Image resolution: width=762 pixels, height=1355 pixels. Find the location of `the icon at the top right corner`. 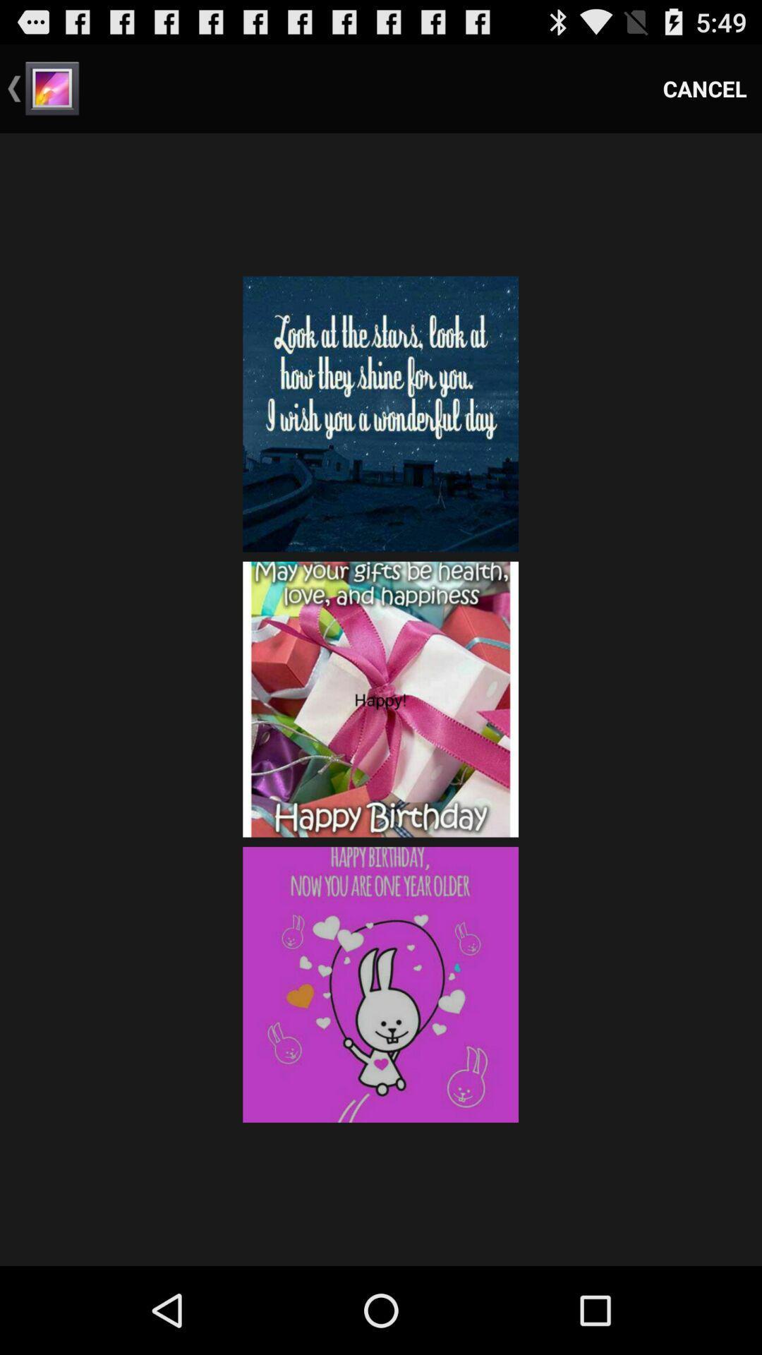

the icon at the top right corner is located at coordinates (705, 88).